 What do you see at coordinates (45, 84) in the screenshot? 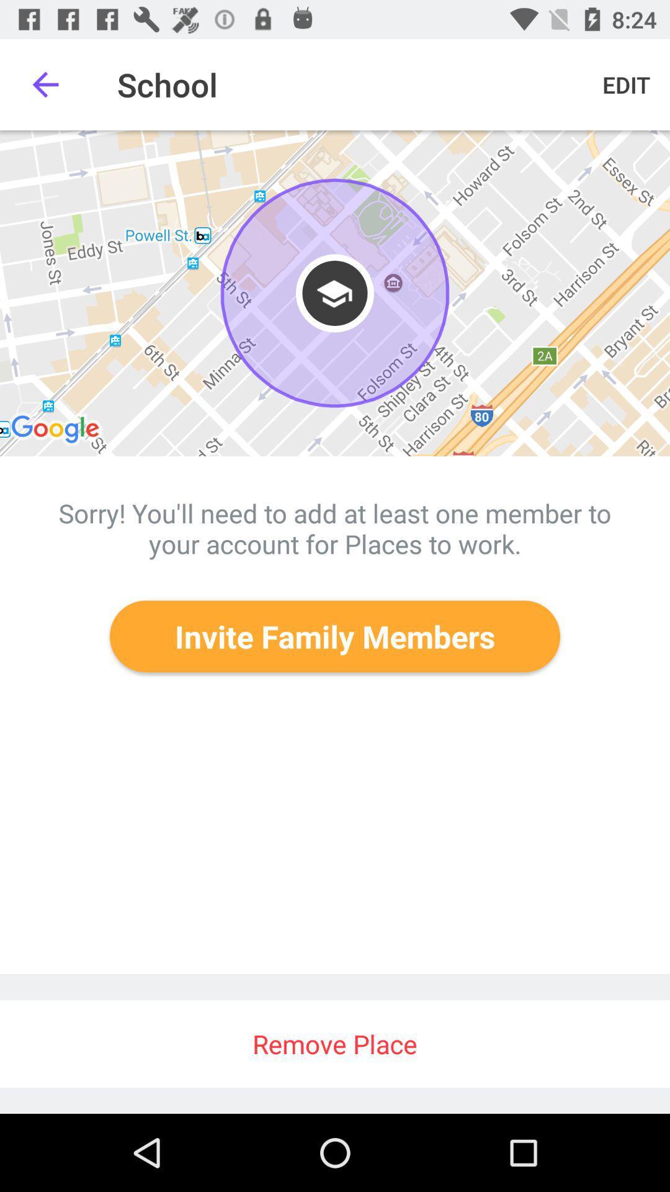
I see `the icon to the left of the school` at bounding box center [45, 84].